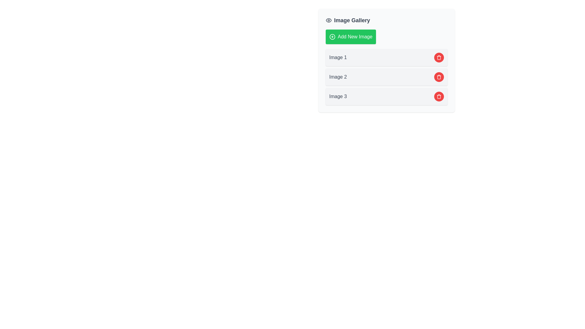 The image size is (585, 329). I want to click on the outermost stroke of the eye icon located at the top left corner of the 'Image Gallery' widget, which indicates visibility-related features, so click(328, 20).